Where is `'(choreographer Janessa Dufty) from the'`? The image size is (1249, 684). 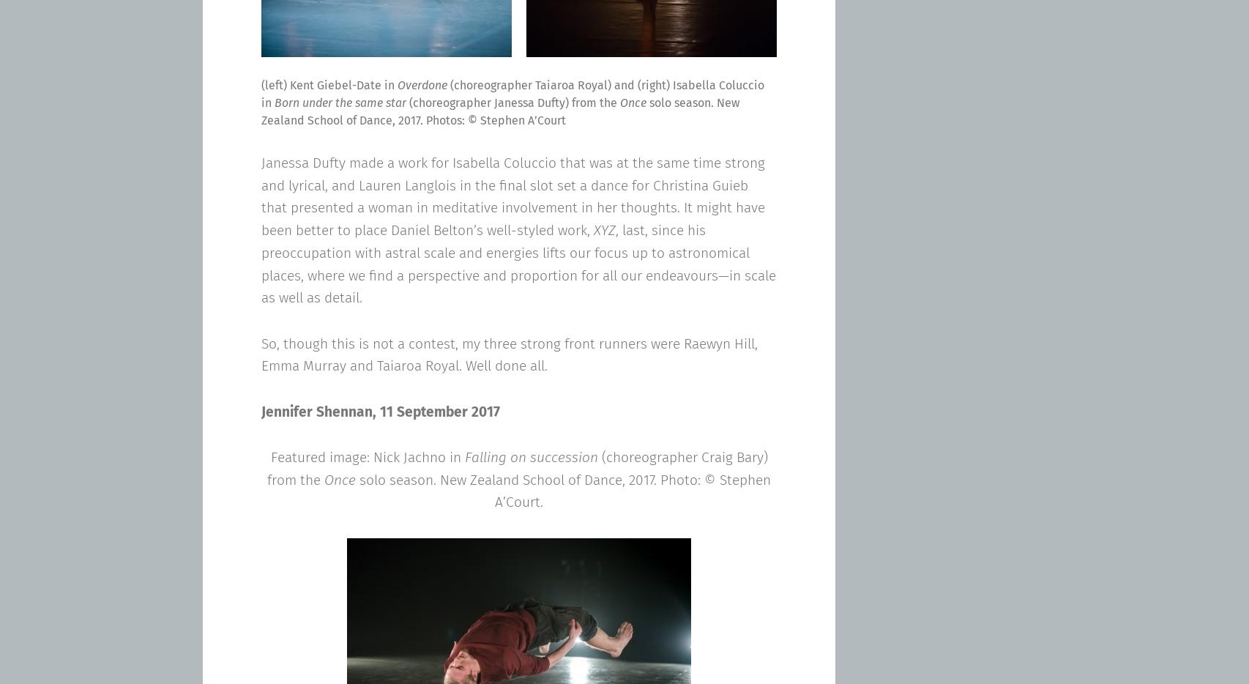 '(choreographer Janessa Dufty) from the' is located at coordinates (405, 103).